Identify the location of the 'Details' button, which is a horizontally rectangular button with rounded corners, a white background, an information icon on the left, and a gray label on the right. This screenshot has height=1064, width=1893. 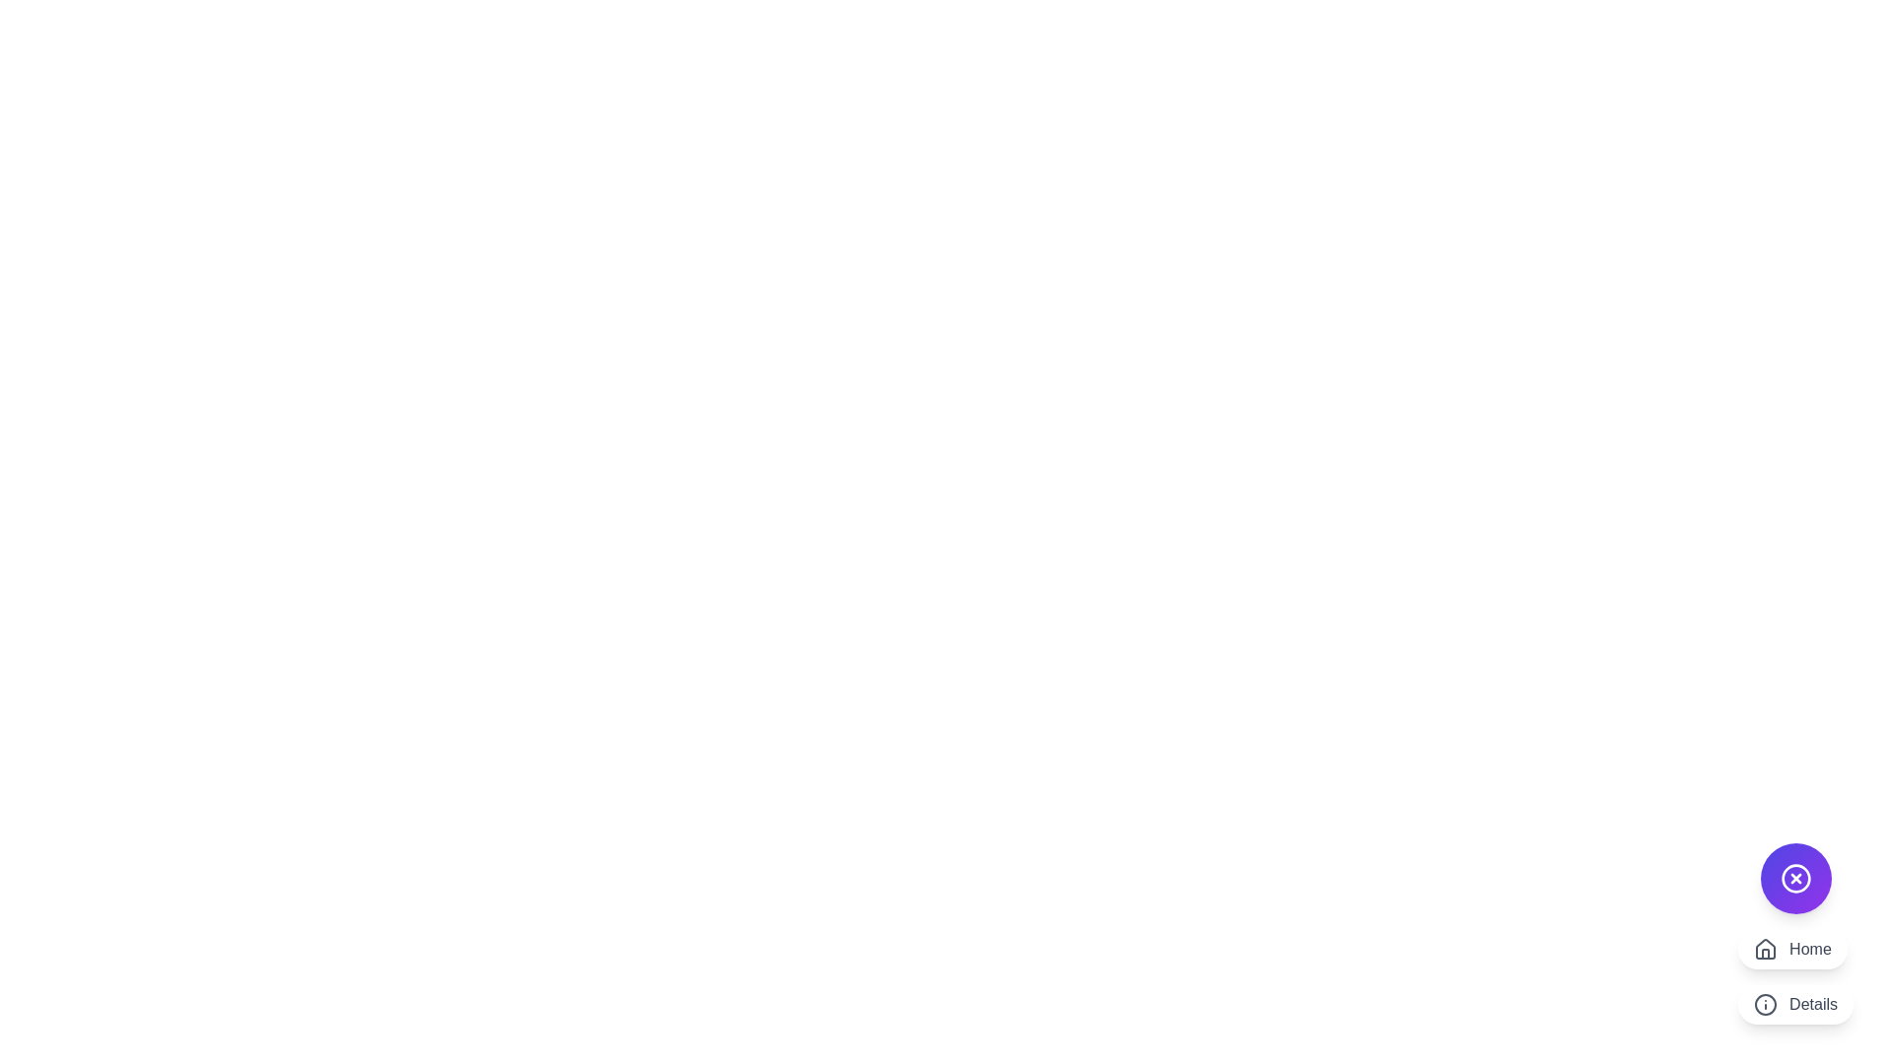
(1795, 1004).